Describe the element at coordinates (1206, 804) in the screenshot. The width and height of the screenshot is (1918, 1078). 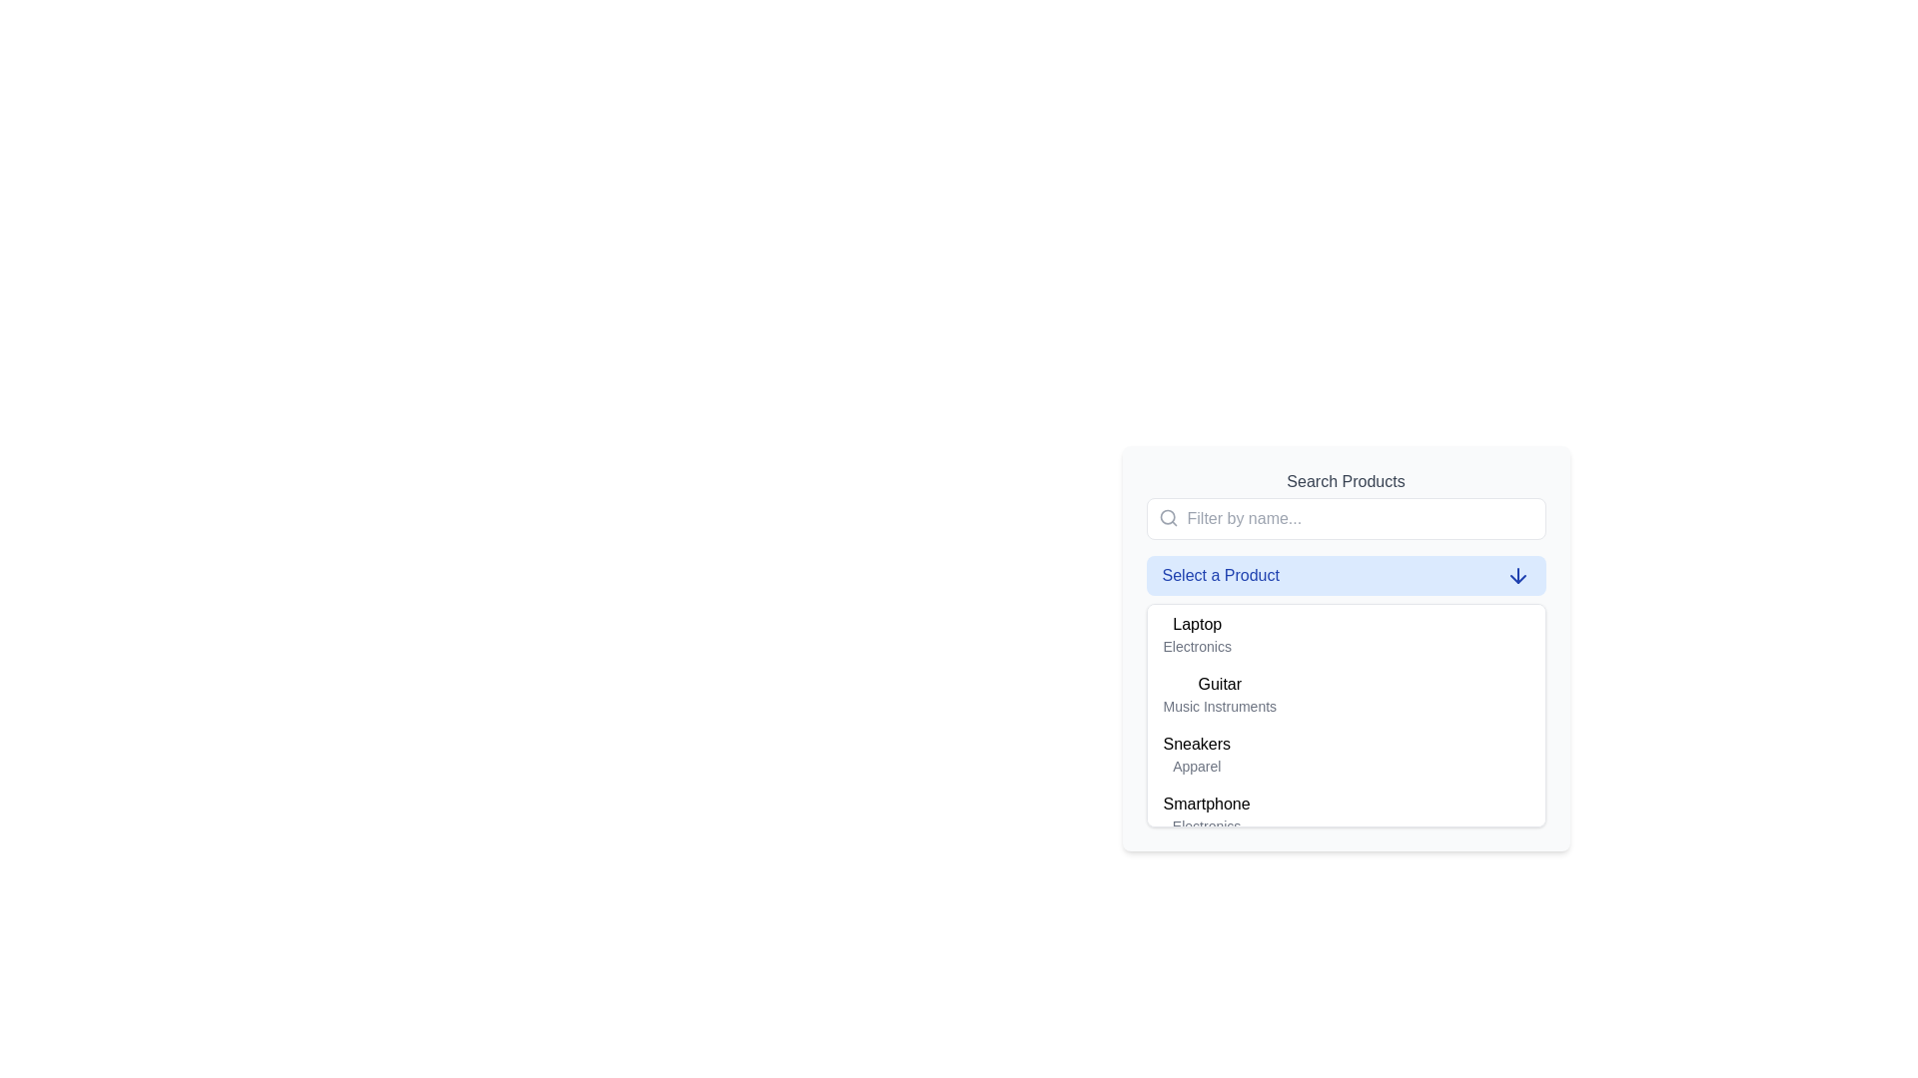
I see `to select the 'Smartphone' category from the dropdown menu located above 'Electronics'` at that location.